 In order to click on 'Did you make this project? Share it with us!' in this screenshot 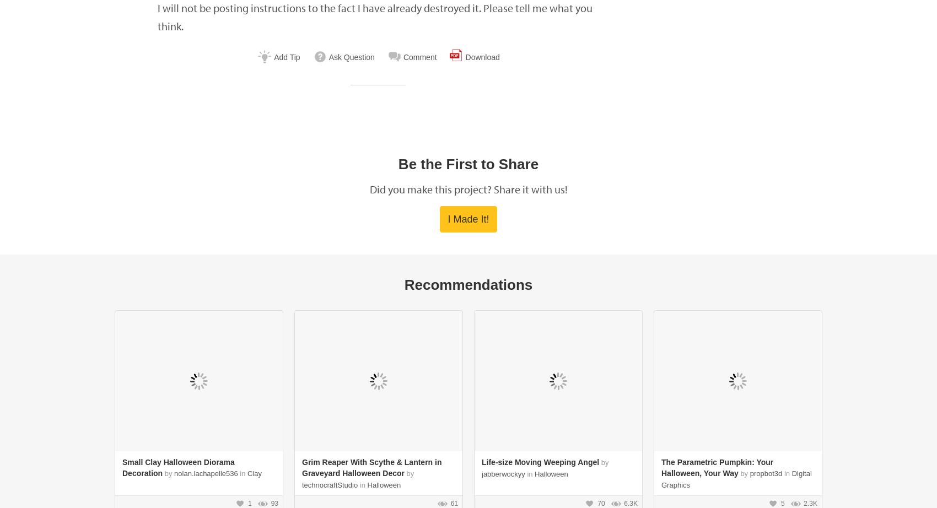, I will do `click(467, 188)`.